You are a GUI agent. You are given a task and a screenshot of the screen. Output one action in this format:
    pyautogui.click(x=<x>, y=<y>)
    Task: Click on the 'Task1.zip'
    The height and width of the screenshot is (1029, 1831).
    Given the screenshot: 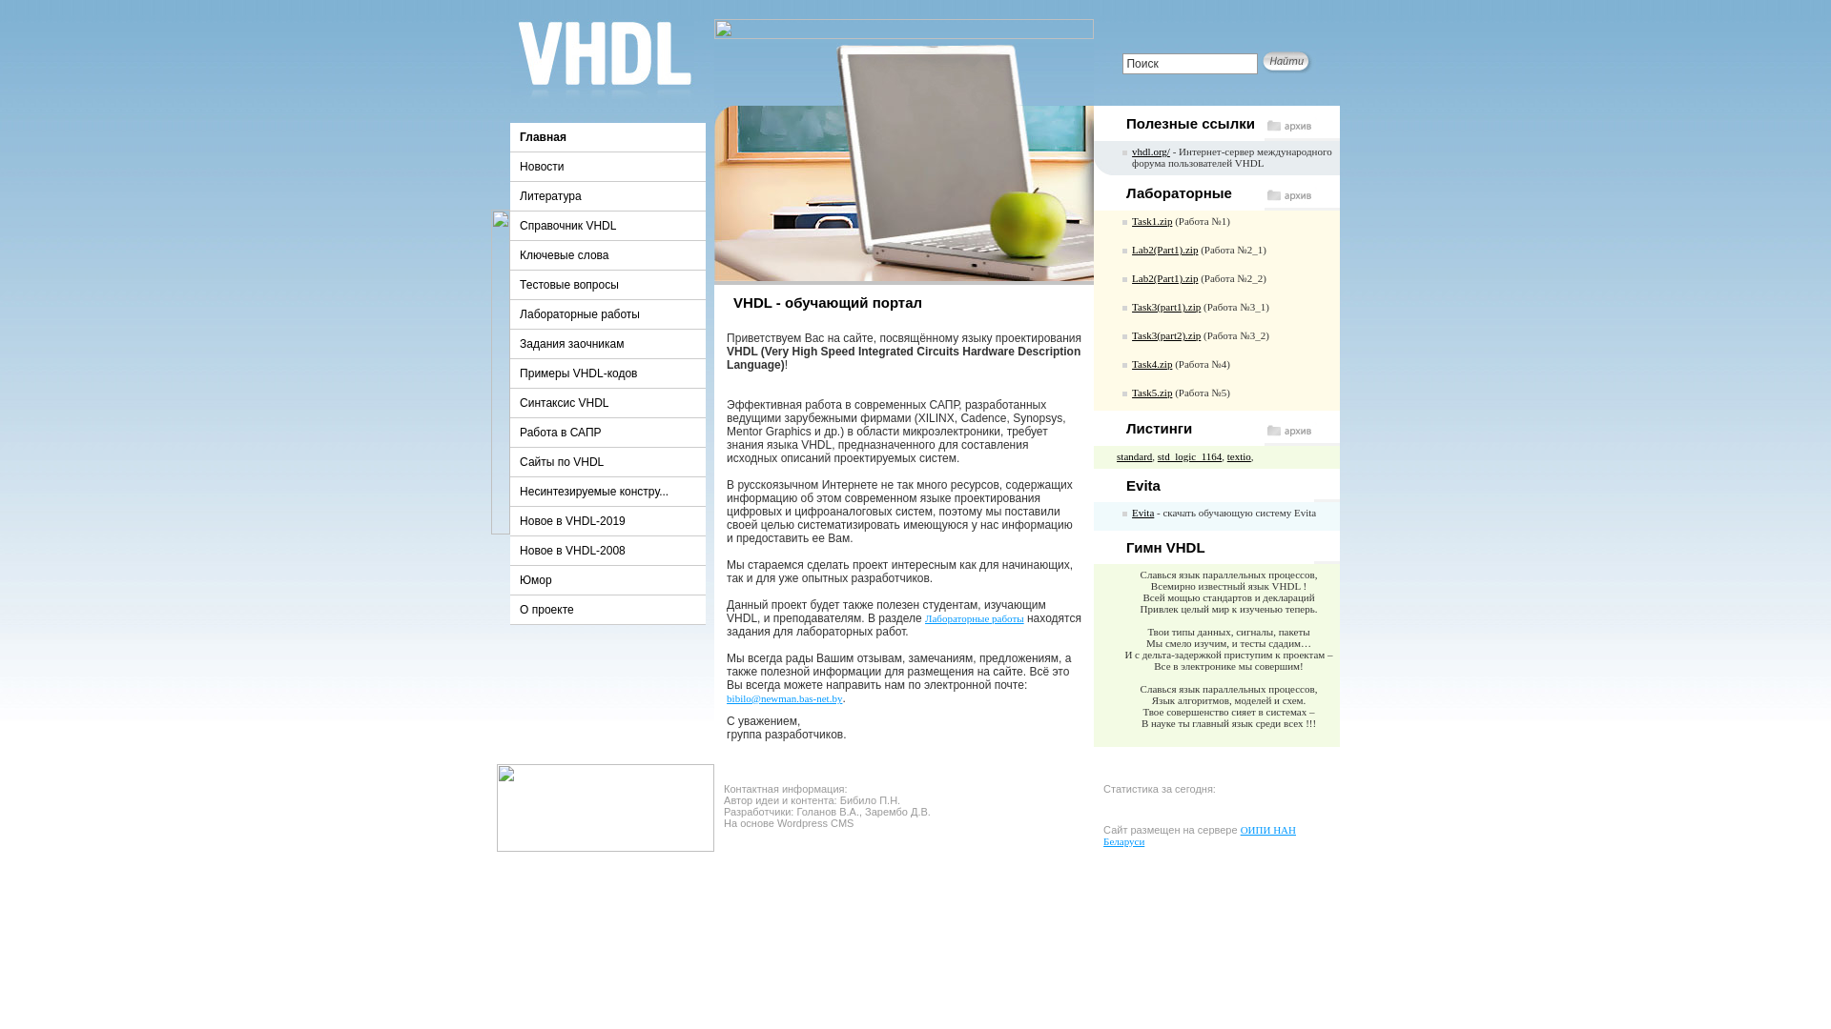 What is the action you would take?
    pyautogui.click(x=1151, y=219)
    